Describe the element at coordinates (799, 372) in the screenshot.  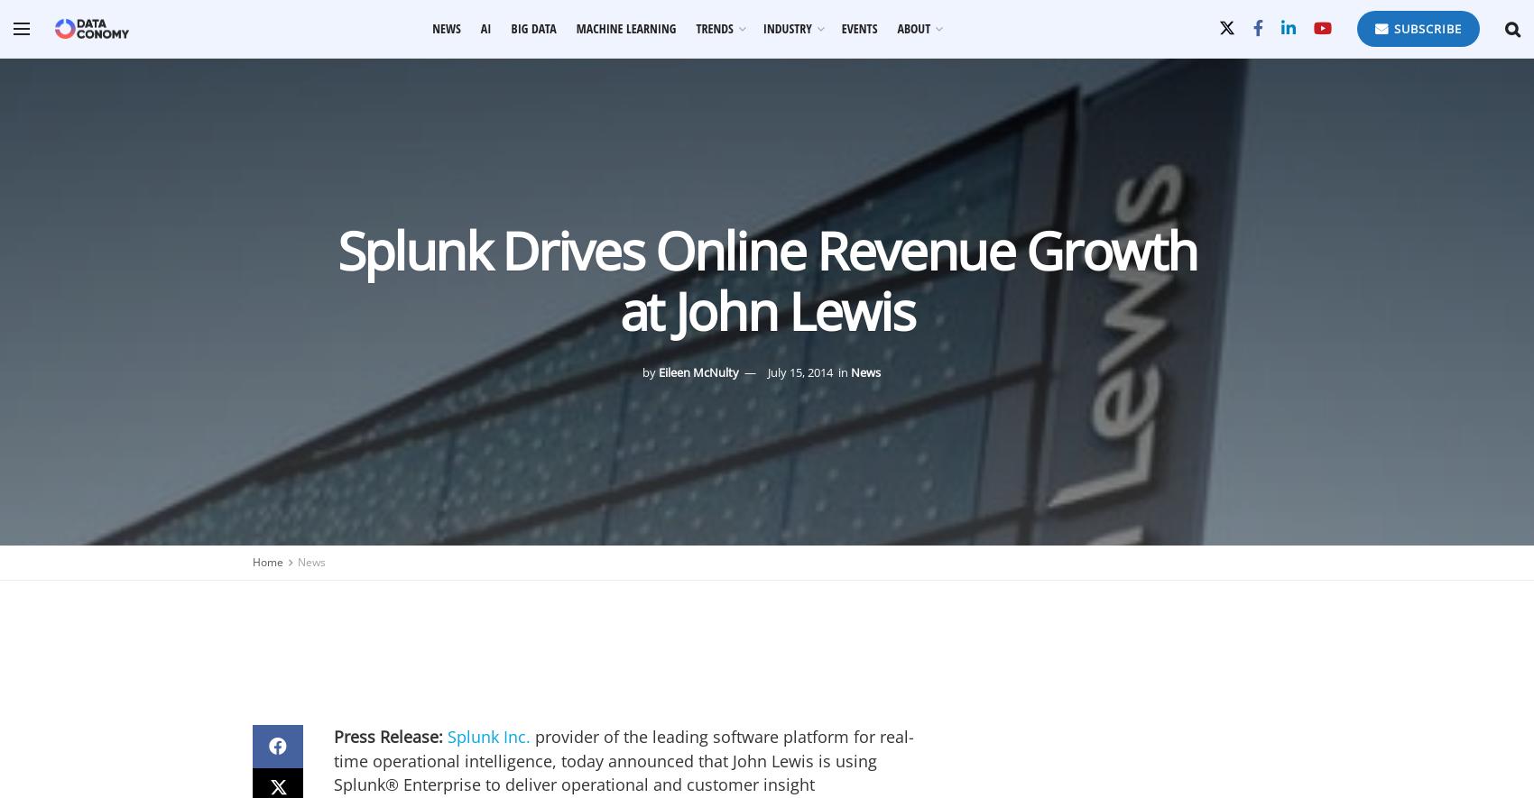
I see `'July 15, 2014'` at that location.